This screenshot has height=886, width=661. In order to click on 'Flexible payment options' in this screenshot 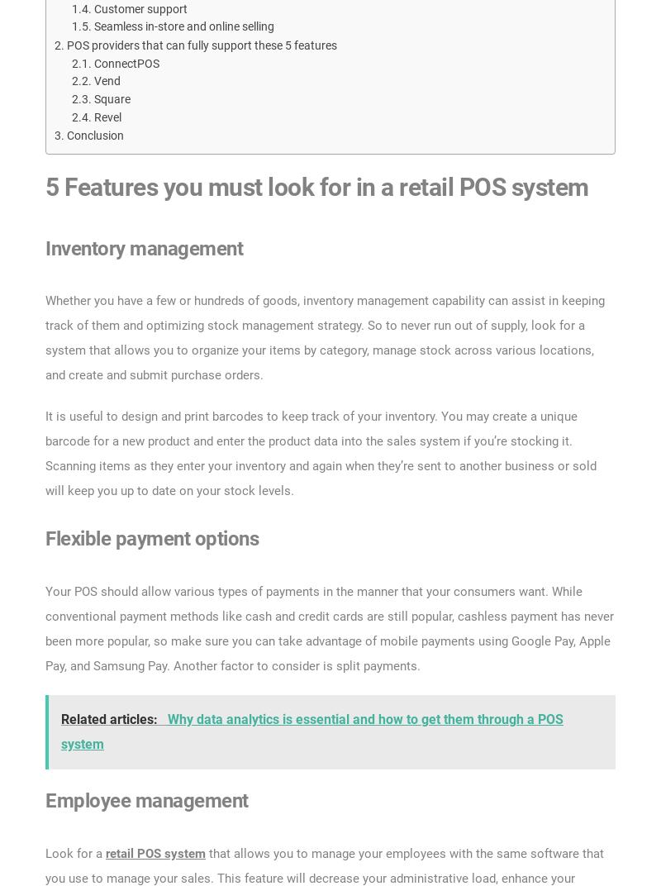, I will do `click(153, 538)`.